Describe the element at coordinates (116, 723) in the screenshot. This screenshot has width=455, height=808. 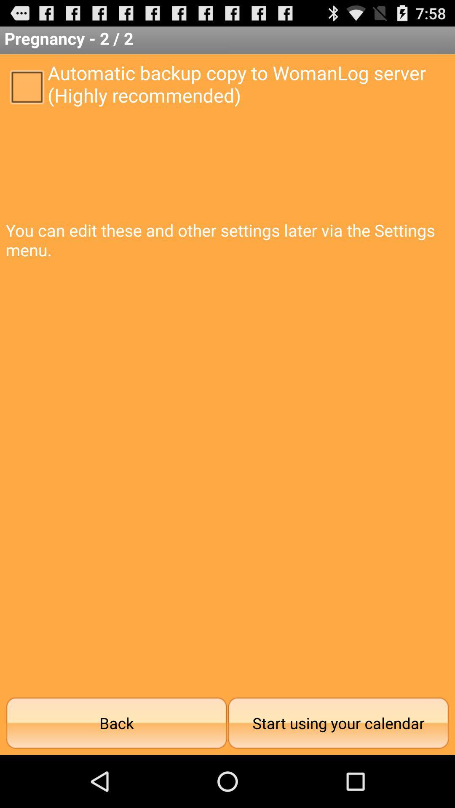
I see `the back icon` at that location.